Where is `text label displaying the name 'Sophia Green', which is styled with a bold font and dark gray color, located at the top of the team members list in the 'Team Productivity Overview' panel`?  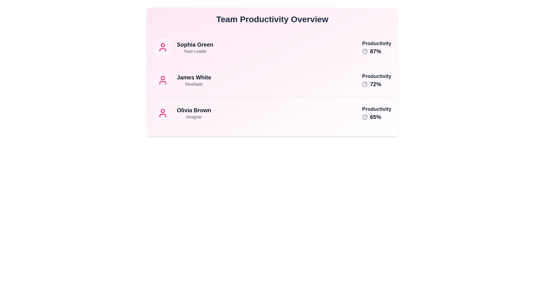 text label displaying the name 'Sophia Green', which is styled with a bold font and dark gray color, located at the top of the team members list in the 'Team Productivity Overview' panel is located at coordinates (195, 44).